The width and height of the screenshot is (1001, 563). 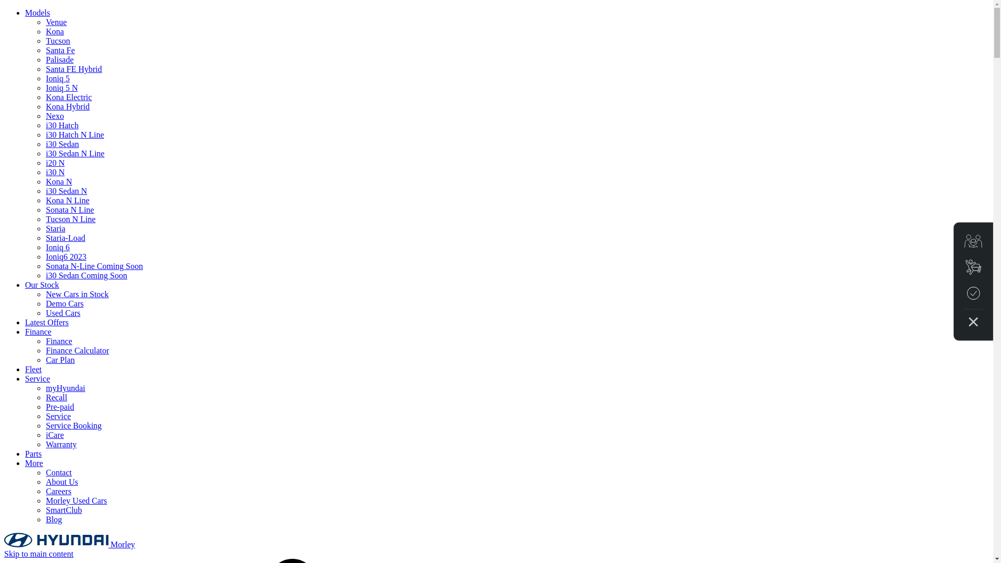 What do you see at coordinates (56, 397) in the screenshot?
I see `'Recall'` at bounding box center [56, 397].